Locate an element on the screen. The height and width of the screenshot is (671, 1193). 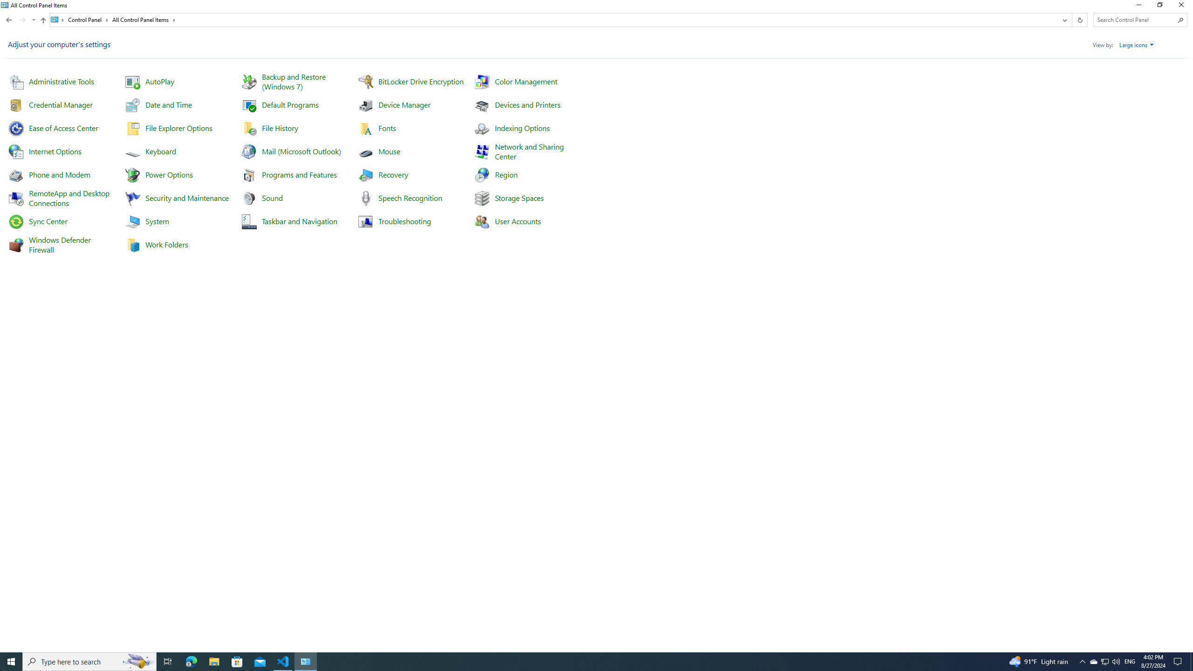
'File History' is located at coordinates (280, 127).